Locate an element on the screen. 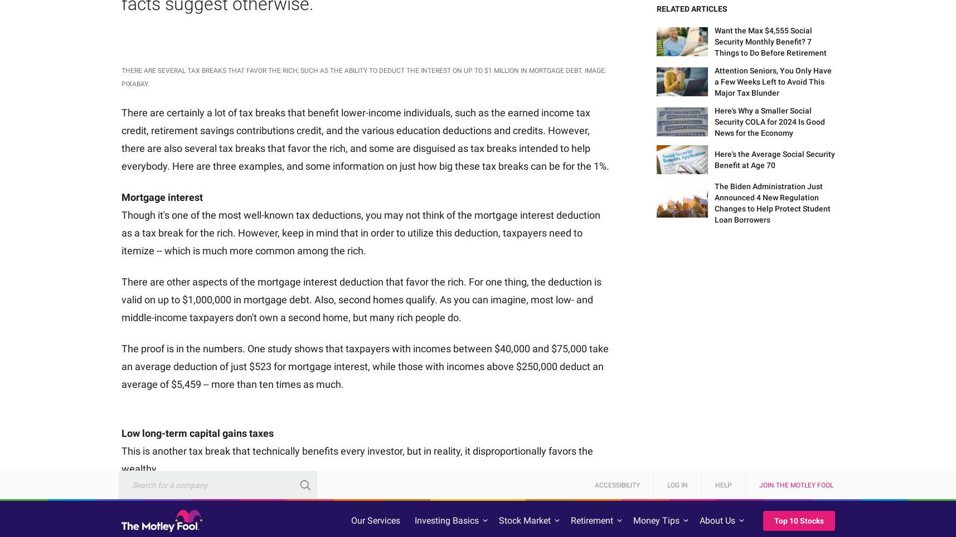  'Invest better with The Motley Fool. Get stock recommendations, portfolio guidance, and more from The Motley Fool's premium services.' is located at coordinates (234, 330).